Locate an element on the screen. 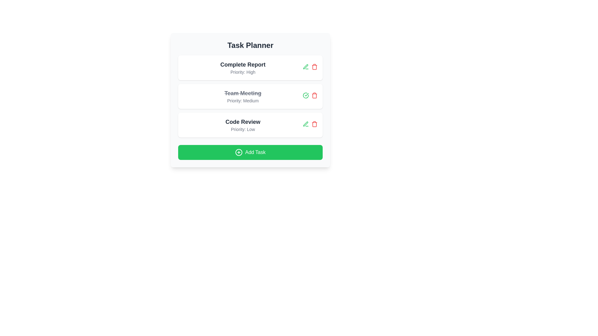 This screenshot has height=336, width=598. the task title text for task 3 is located at coordinates (242, 122).